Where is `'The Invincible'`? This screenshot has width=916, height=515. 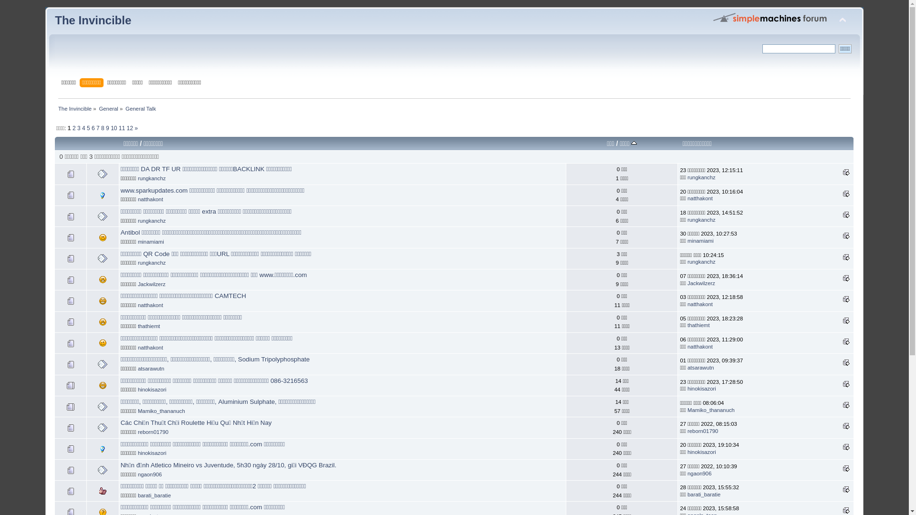 'The Invincible' is located at coordinates (74, 108).